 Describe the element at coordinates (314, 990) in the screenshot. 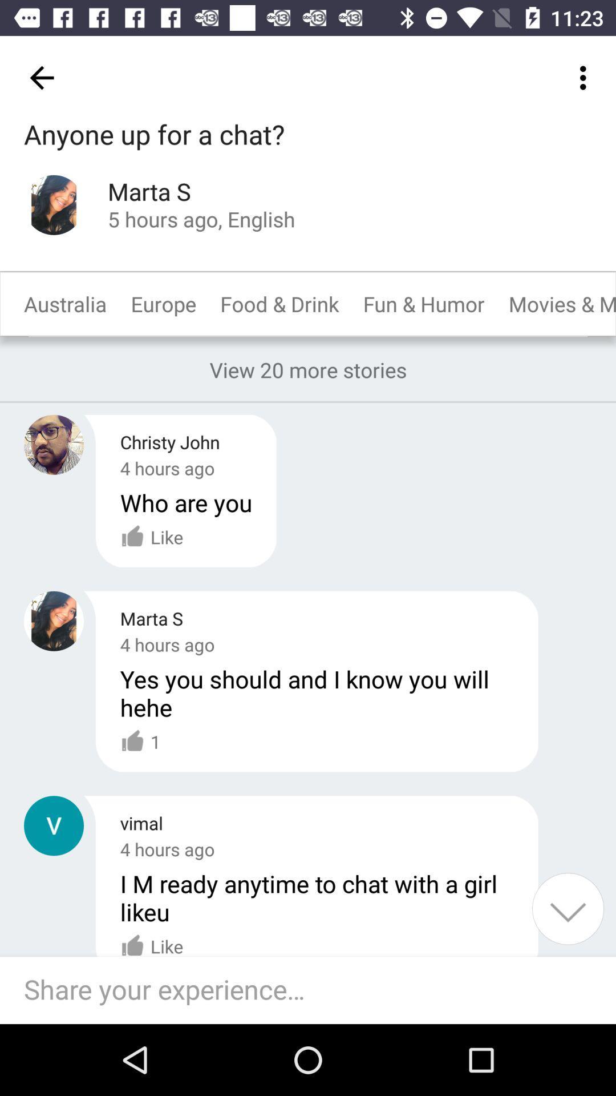

I see `type comment` at that location.